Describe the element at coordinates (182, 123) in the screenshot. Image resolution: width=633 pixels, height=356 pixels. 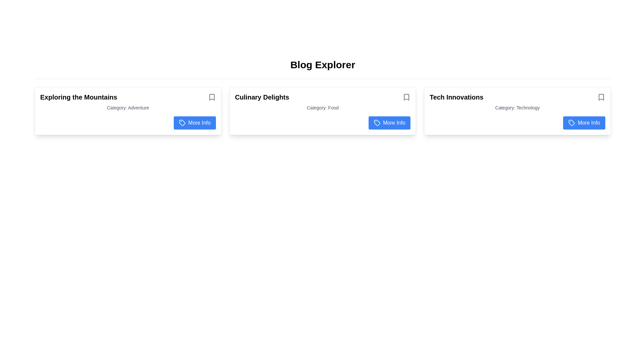
I see `the icon located to the left of the 'More Info' button at the bottom-right corner of the 'Exploring the Mountains' card, which provides additional information` at that location.